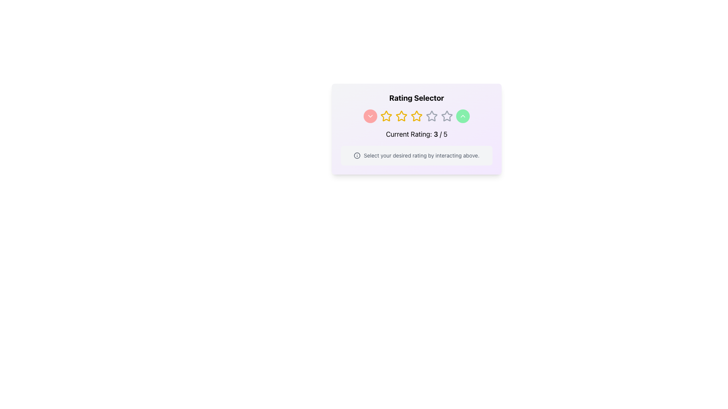 This screenshot has height=409, width=728. I want to click on the third star icon in the star-based rating system, so click(401, 116).